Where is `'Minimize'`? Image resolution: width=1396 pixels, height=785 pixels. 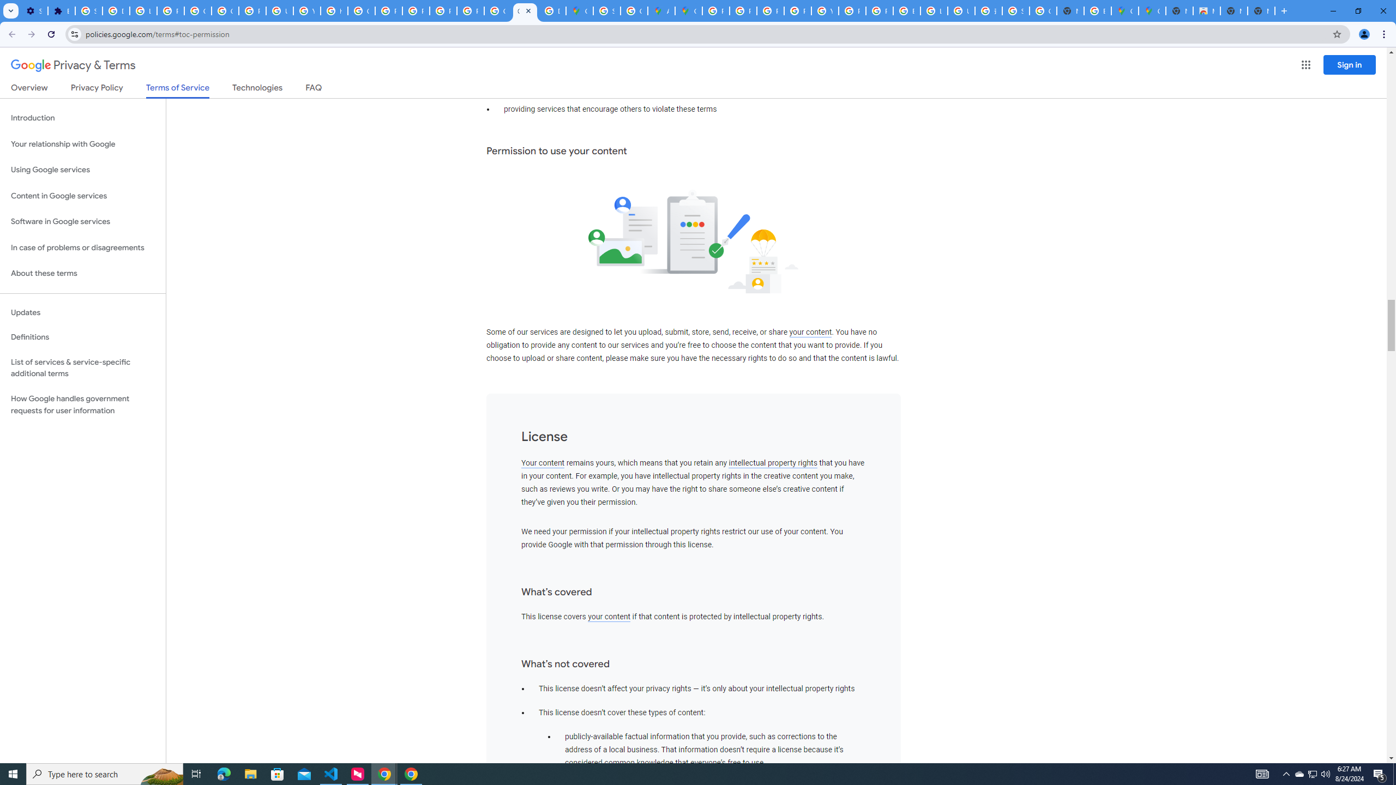
'Minimize' is located at coordinates (1332, 10).